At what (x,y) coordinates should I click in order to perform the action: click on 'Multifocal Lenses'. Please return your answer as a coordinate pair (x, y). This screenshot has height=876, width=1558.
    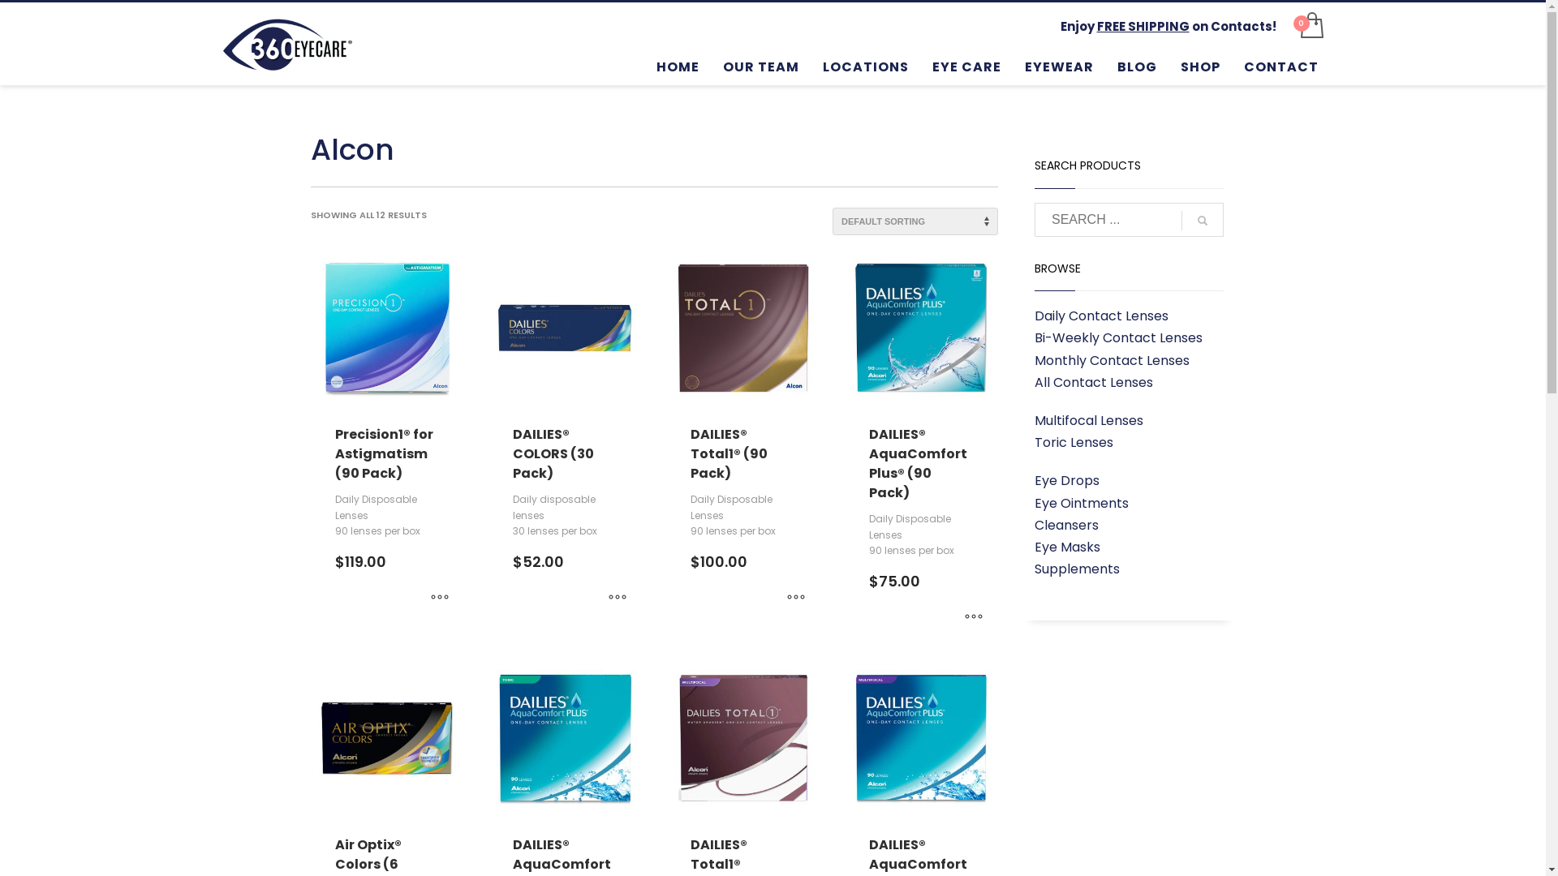
    Looking at the image, I should click on (1089, 419).